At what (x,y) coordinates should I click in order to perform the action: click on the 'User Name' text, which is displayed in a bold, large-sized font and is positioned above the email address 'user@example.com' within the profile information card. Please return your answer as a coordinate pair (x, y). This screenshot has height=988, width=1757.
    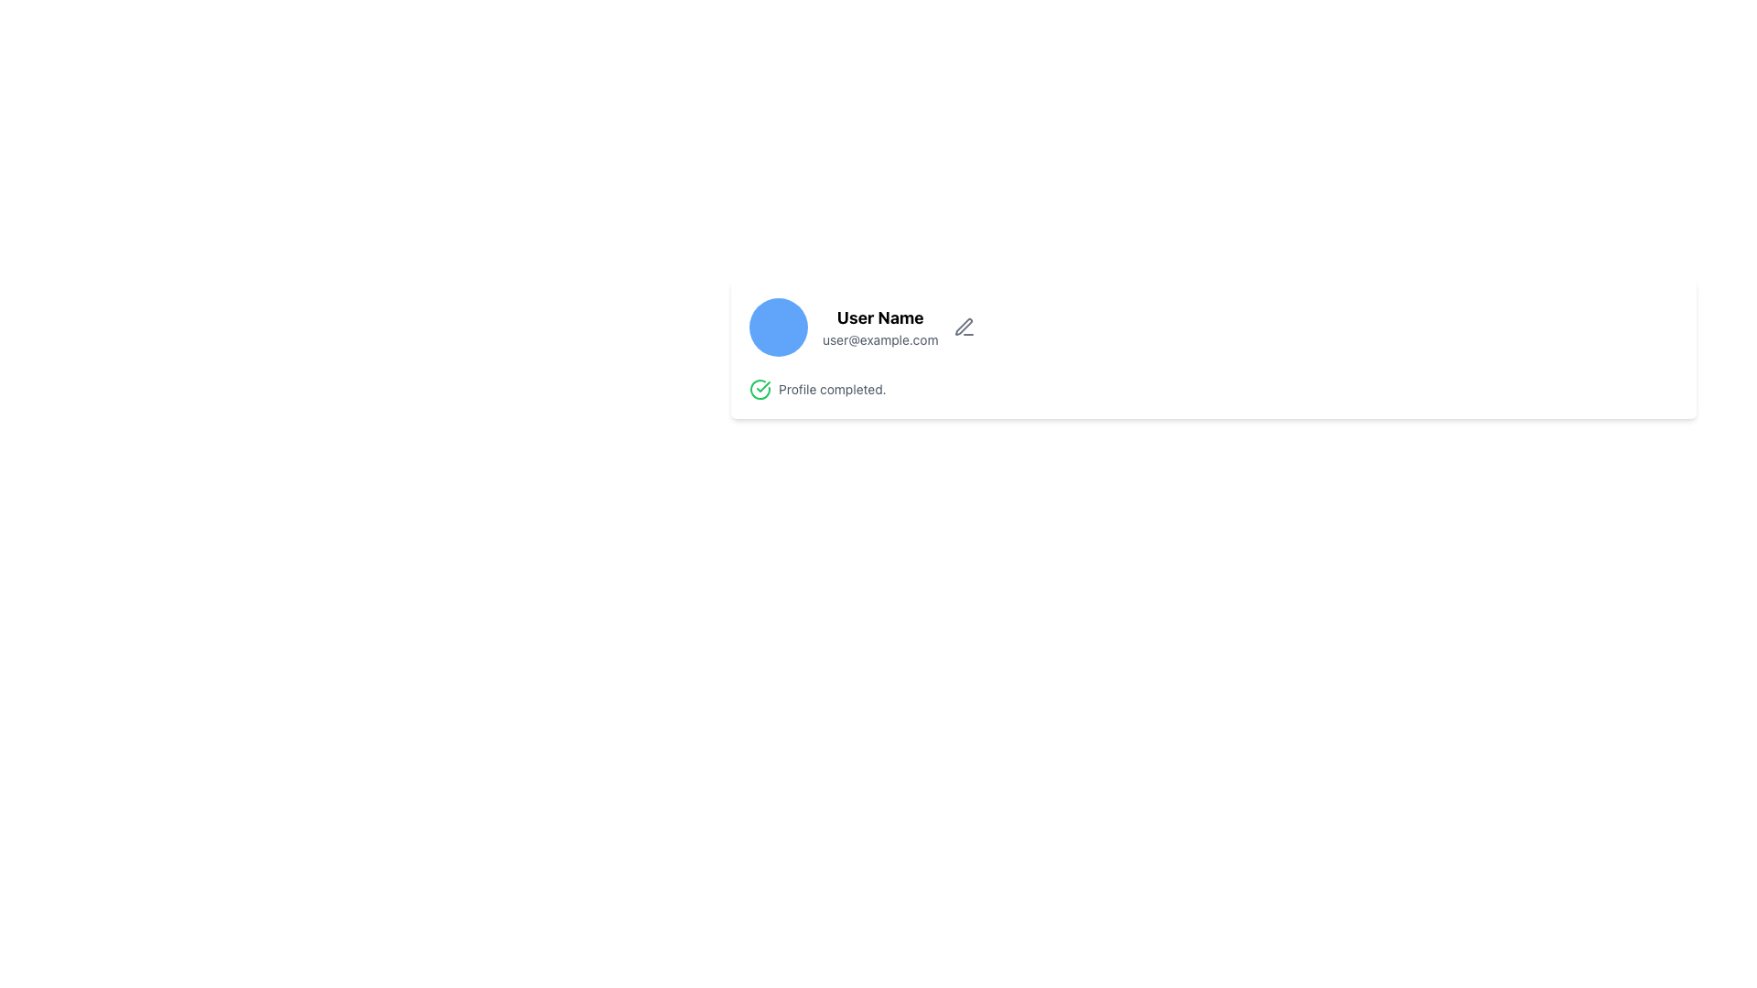
    Looking at the image, I should click on (880, 317).